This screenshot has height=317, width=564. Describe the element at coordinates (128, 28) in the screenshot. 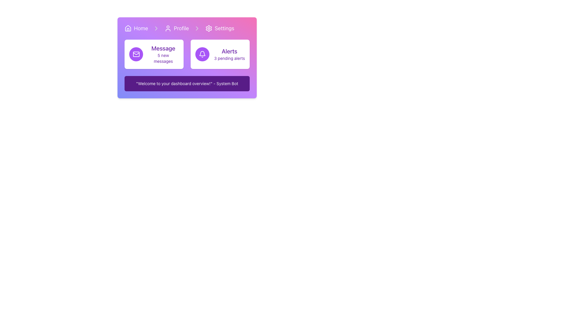

I see `the 'home' icon located in the navigation bar at the top of the interface, positioned to the left of the label 'Home'` at that location.